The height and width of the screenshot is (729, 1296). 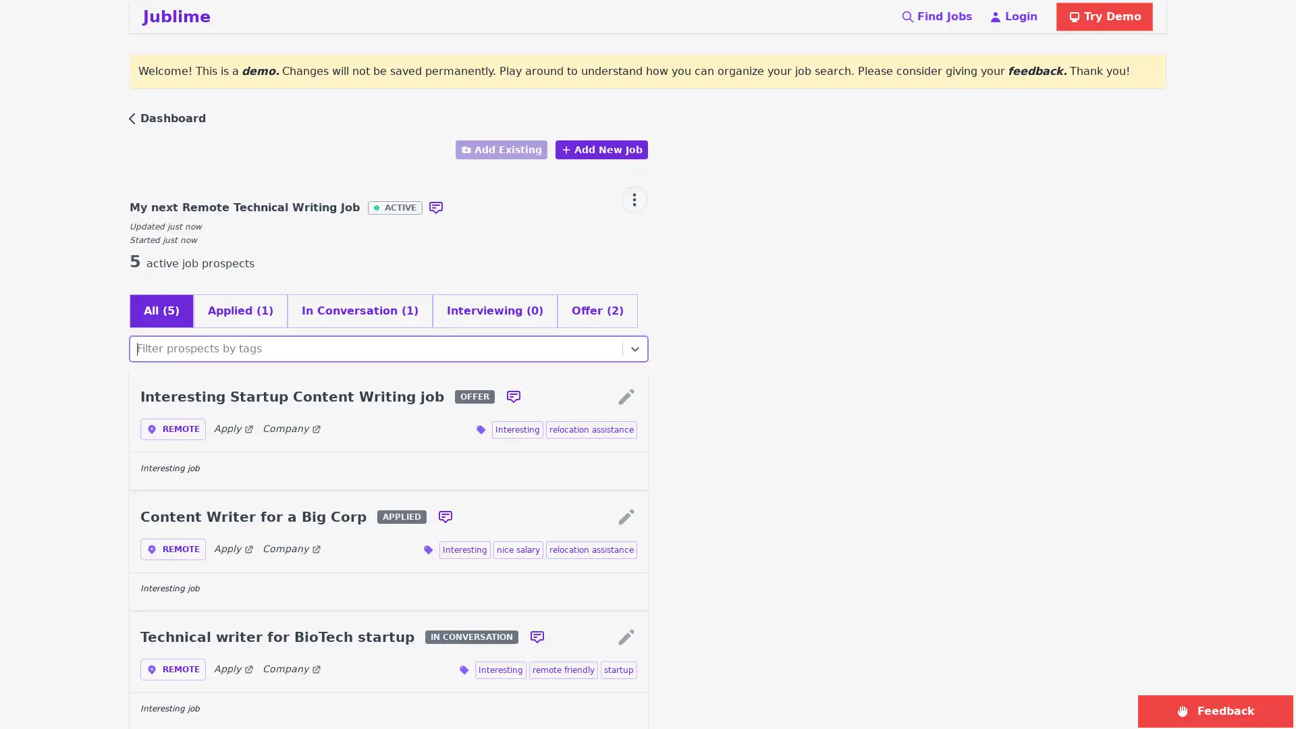 I want to click on Login, so click(x=1013, y=16).